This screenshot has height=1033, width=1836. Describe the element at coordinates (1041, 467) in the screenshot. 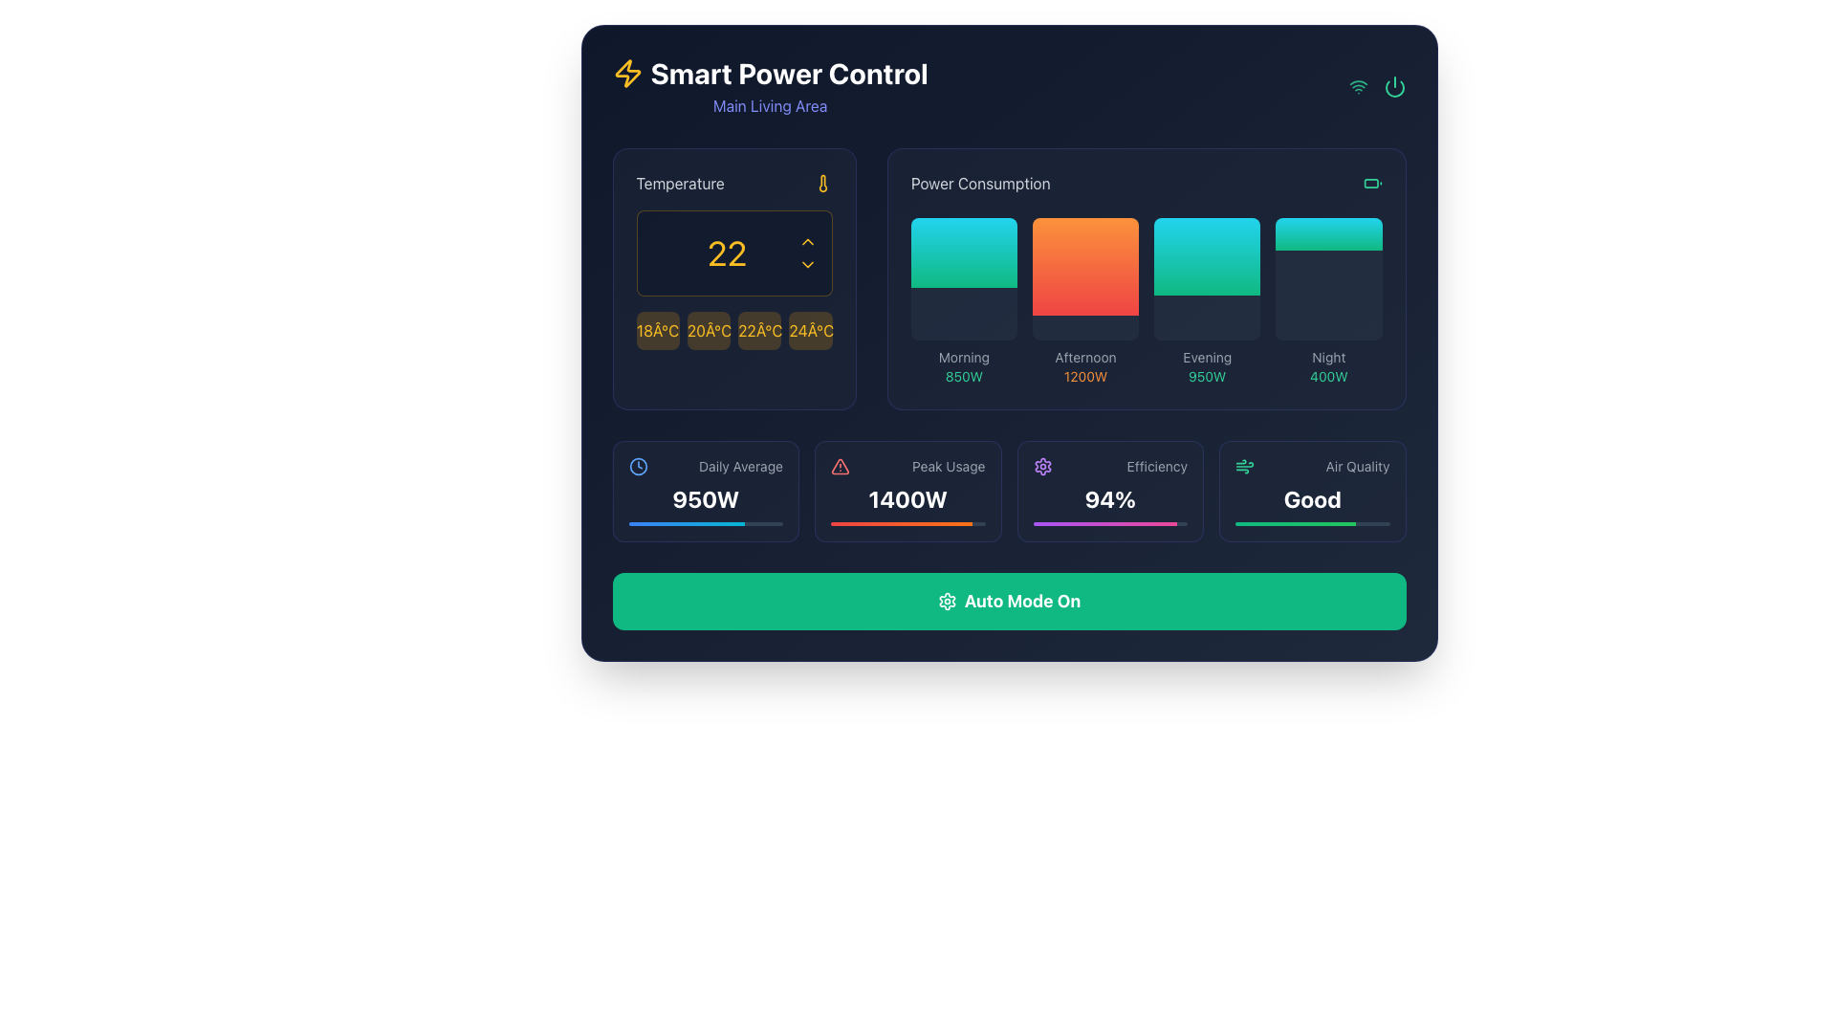

I see `the settings icon located in the top-left corner of the 'Efficiency' panel` at that location.